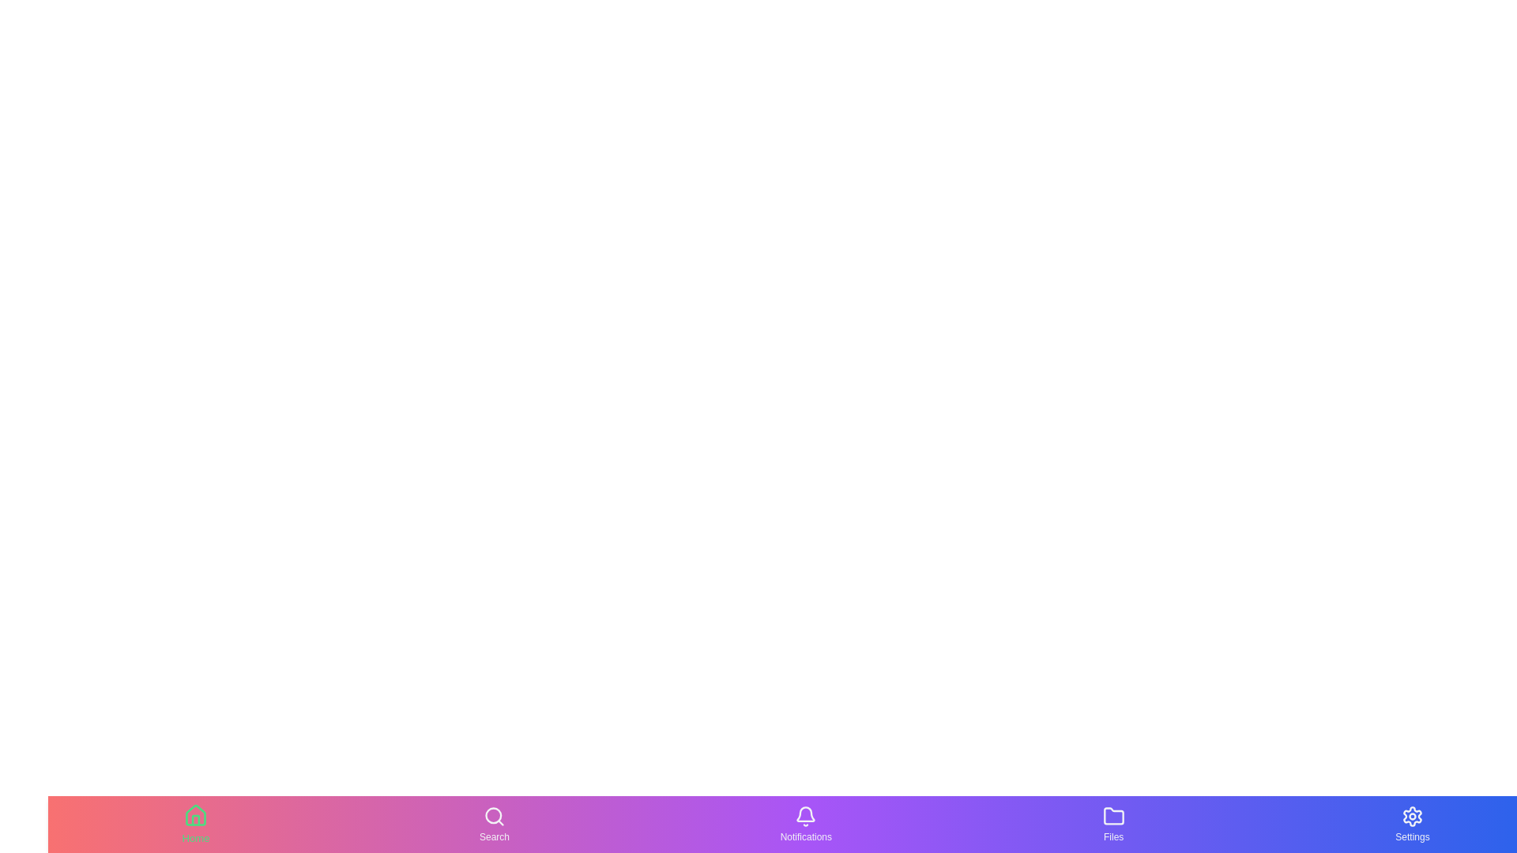 The image size is (1517, 853). Describe the element at coordinates (195, 824) in the screenshot. I see `the tab labeled Home` at that location.